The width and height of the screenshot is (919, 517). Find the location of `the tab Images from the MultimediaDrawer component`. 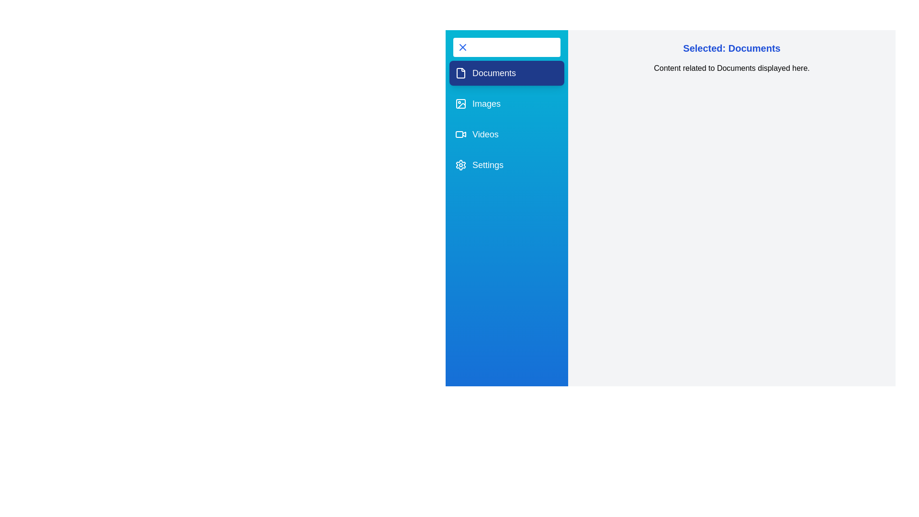

the tab Images from the MultimediaDrawer component is located at coordinates (506, 103).